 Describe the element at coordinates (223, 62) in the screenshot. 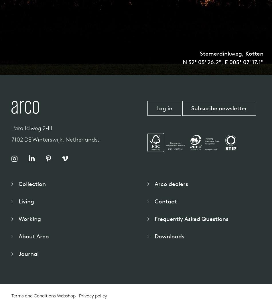

I see `'N 52° 05' 26.2", E 005° 07' 17.1"'` at that location.